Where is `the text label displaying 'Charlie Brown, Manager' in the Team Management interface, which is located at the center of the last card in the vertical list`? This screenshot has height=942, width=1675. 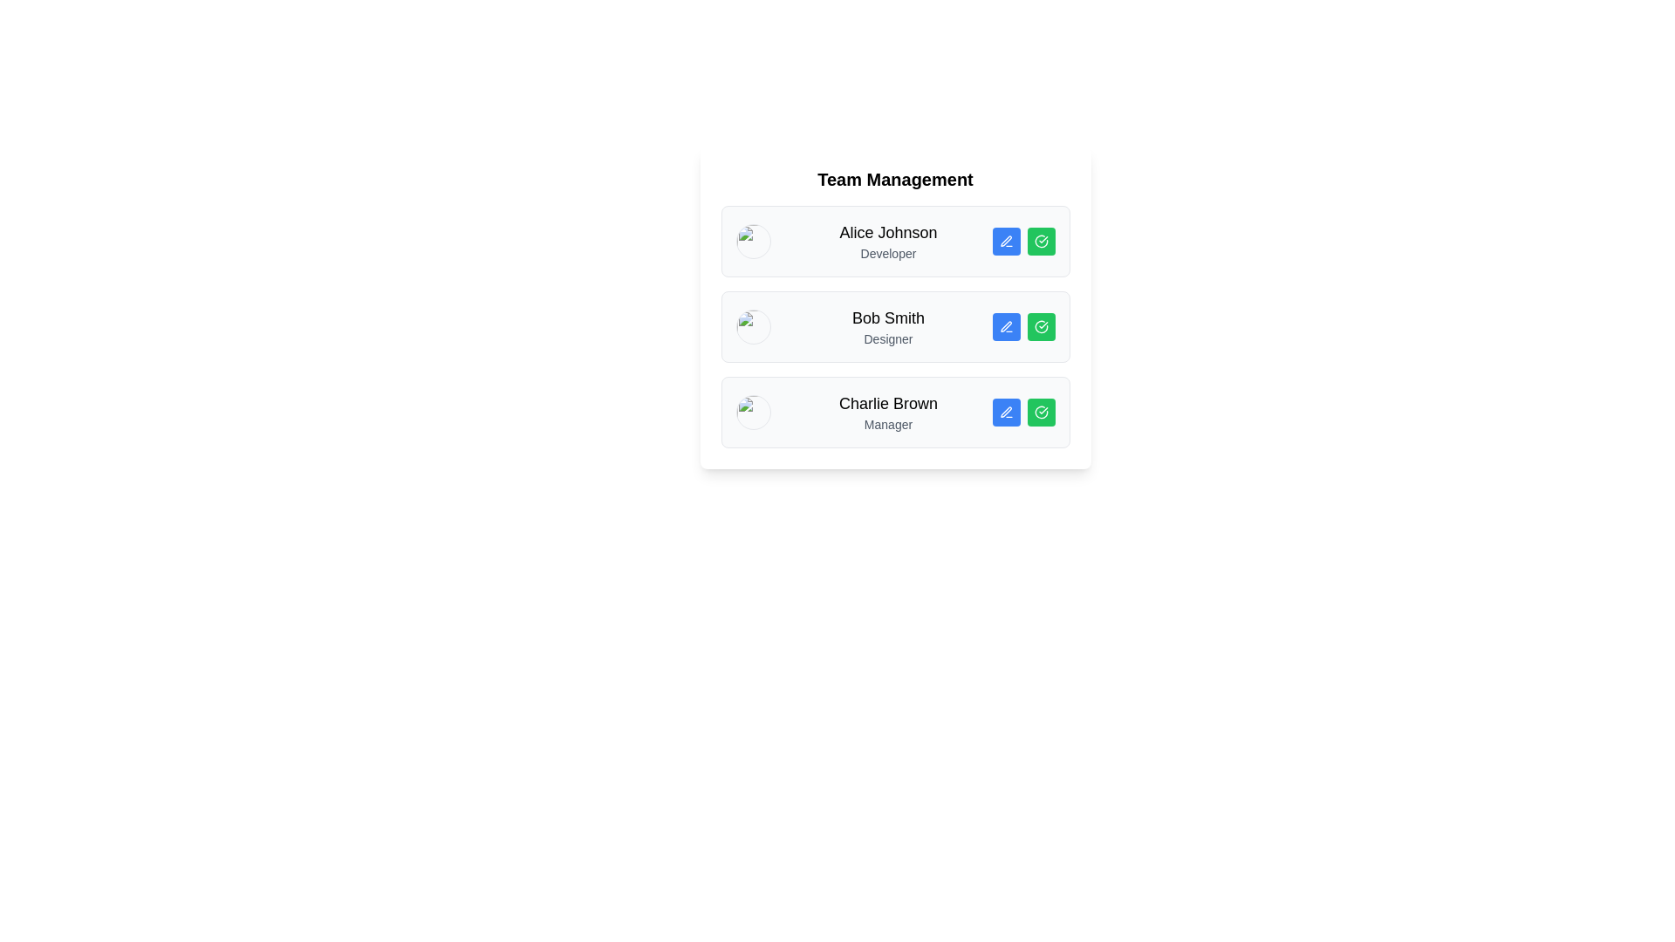 the text label displaying 'Charlie Brown, Manager' in the Team Management interface, which is located at the center of the last card in the vertical list is located at coordinates (888, 413).